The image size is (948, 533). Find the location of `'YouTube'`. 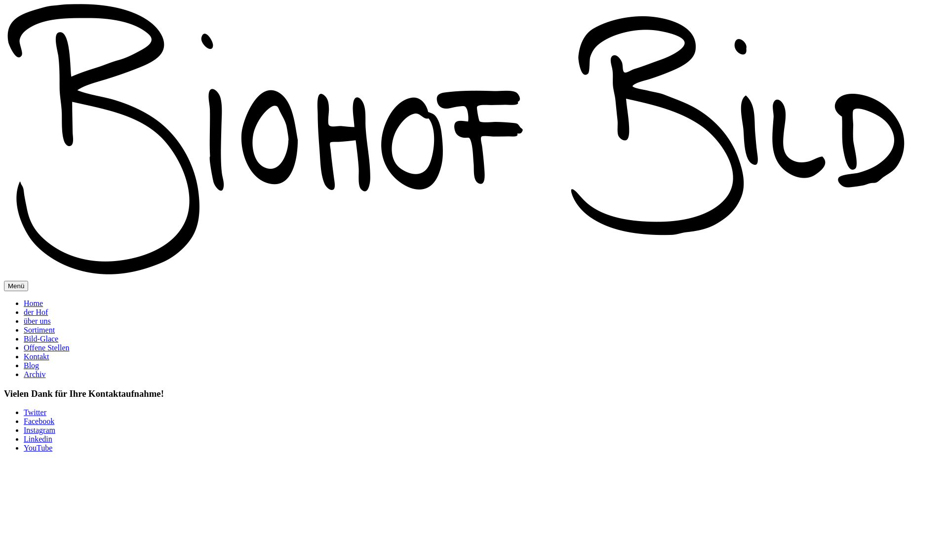

'YouTube' is located at coordinates (38, 448).